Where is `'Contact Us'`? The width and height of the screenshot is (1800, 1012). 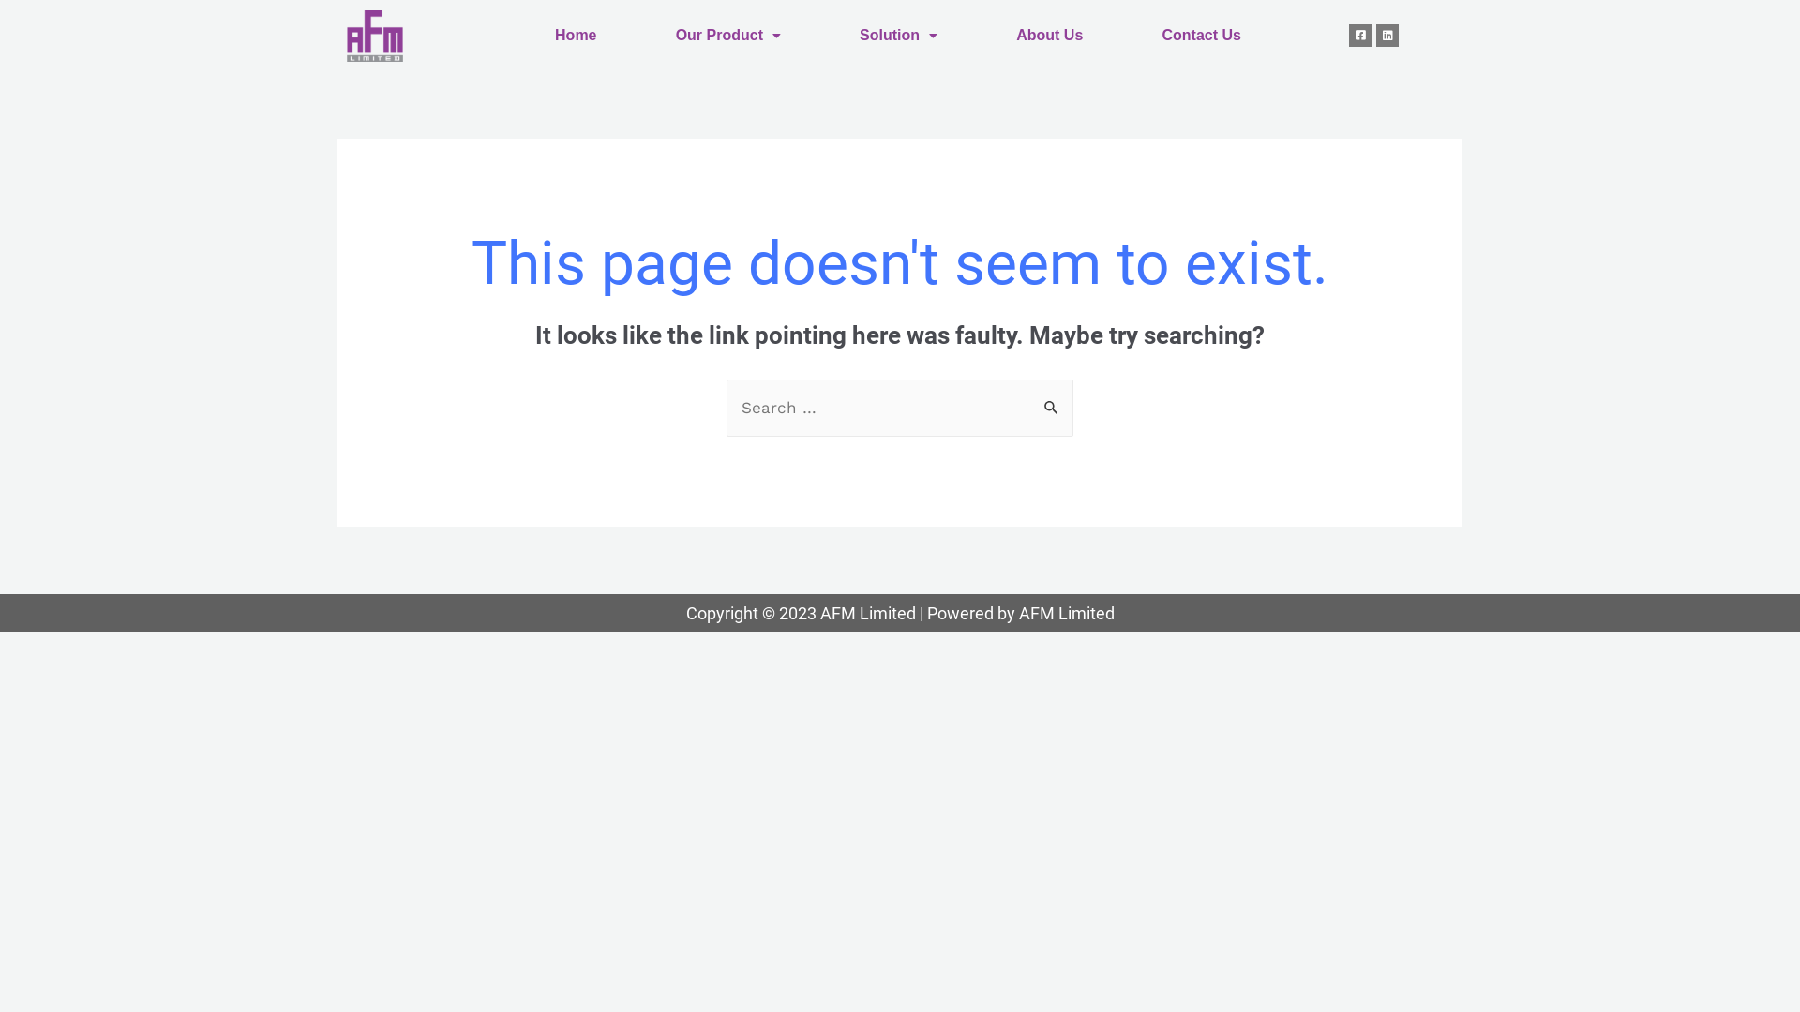 'Contact Us' is located at coordinates (1201, 36).